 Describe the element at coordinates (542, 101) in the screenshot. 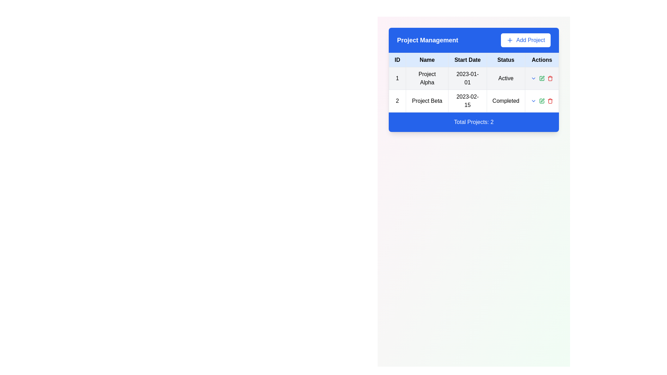

I see `the green pencil icon button in the Actions section of the second row` at that location.